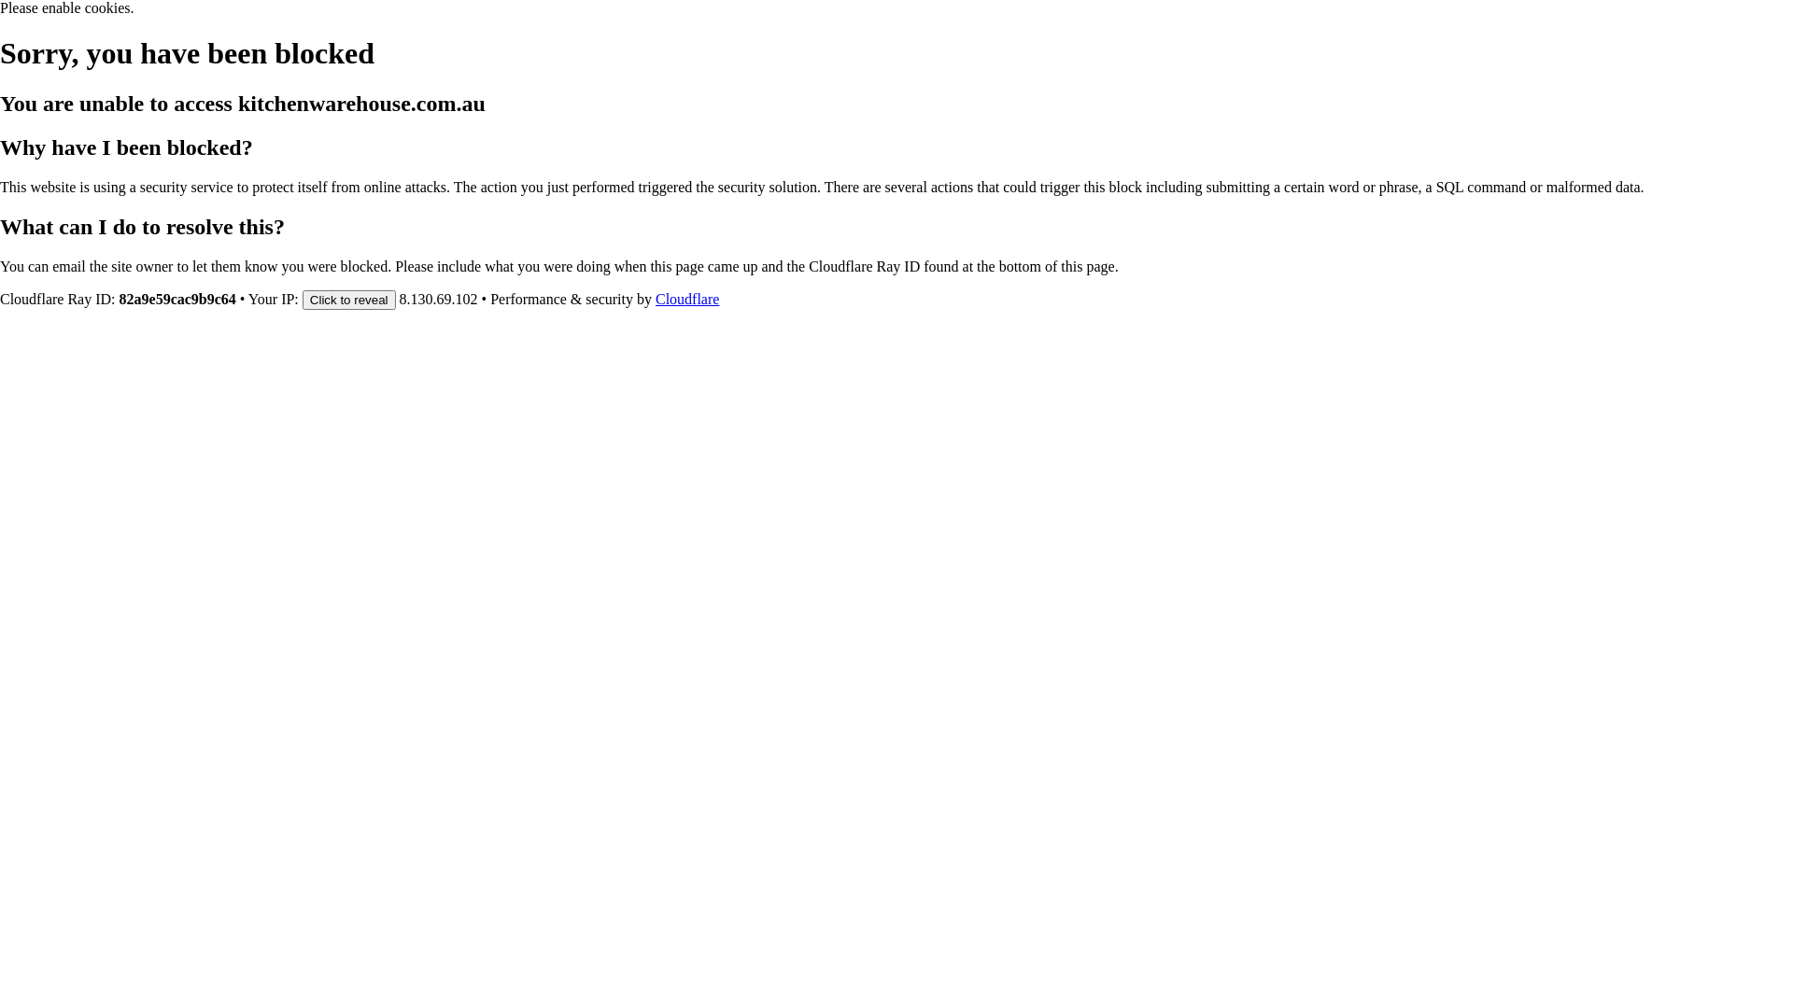 The image size is (1793, 1008). I want to click on 'Click to reveal', so click(349, 298).